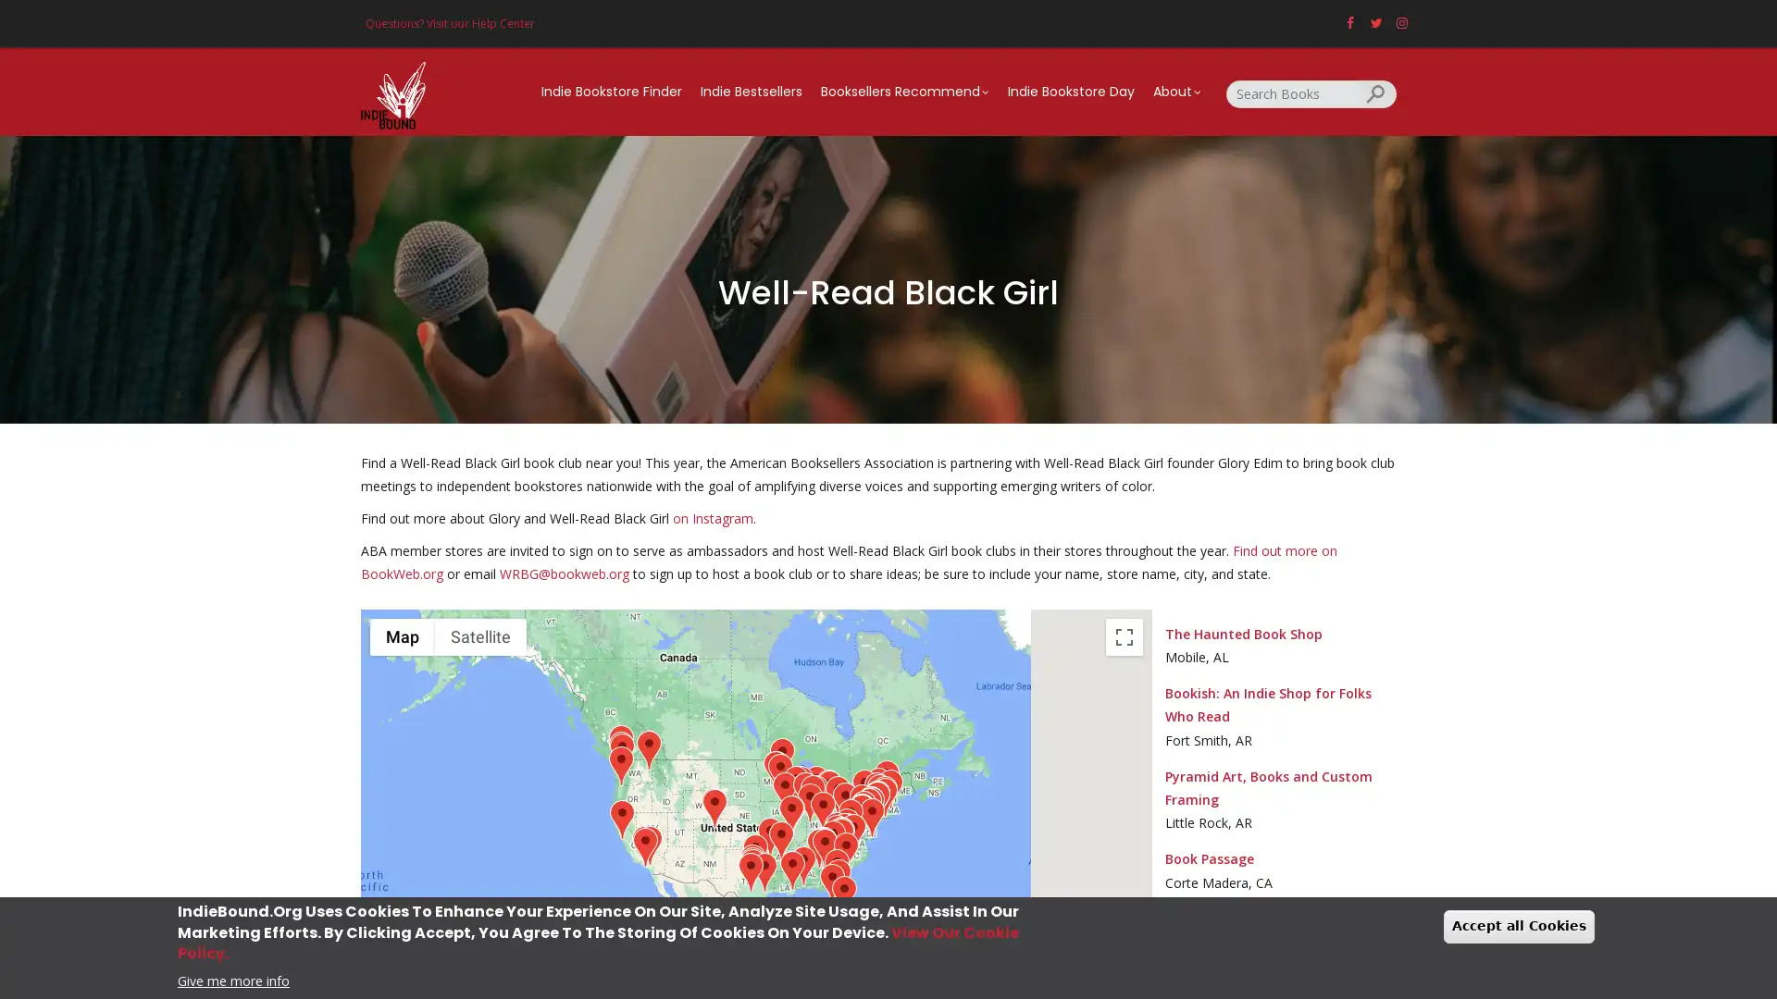  What do you see at coordinates (860, 812) in the screenshot?
I see `East City Bookshop` at bounding box center [860, 812].